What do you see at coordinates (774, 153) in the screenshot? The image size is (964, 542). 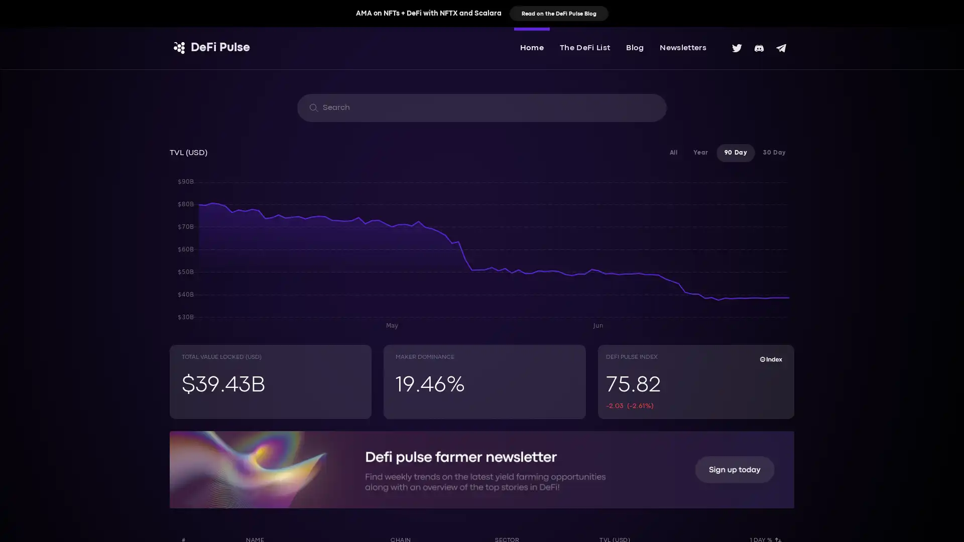 I see `30 Day` at bounding box center [774, 153].